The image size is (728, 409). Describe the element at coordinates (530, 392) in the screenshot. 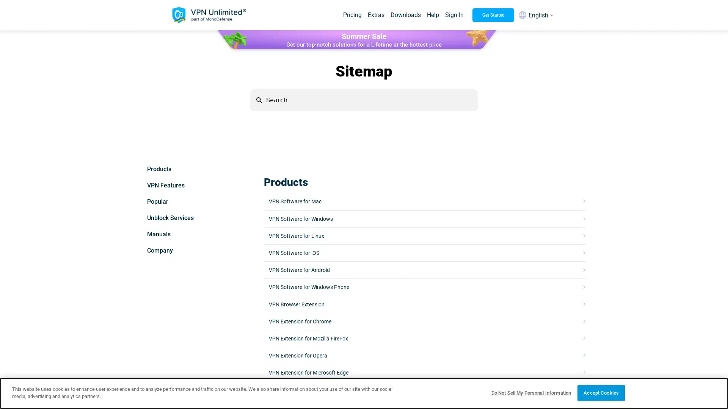

I see `Do Not Sell My Personal Information` at that location.